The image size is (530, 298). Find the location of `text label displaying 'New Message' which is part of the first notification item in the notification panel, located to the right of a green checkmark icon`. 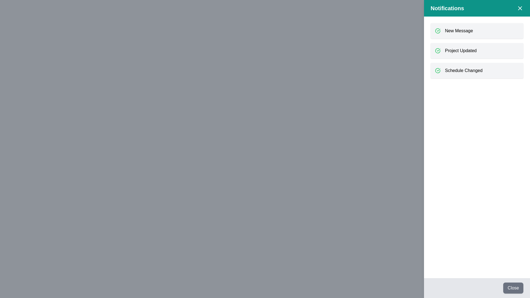

text label displaying 'New Message' which is part of the first notification item in the notification panel, located to the right of a green checkmark icon is located at coordinates (459, 31).